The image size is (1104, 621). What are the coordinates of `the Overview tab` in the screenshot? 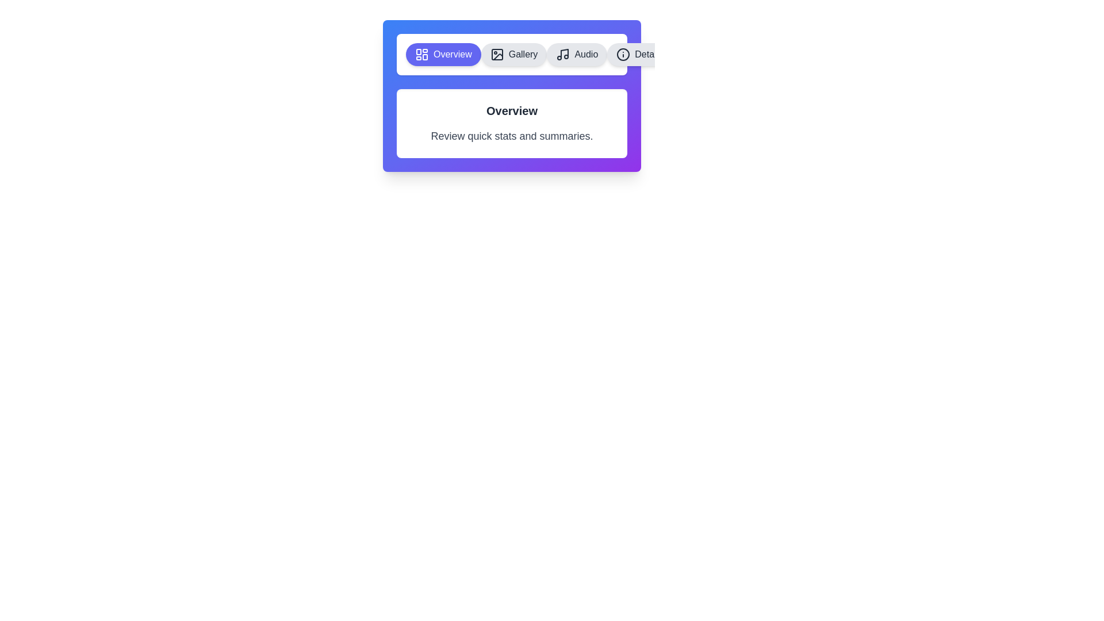 It's located at (443, 55).